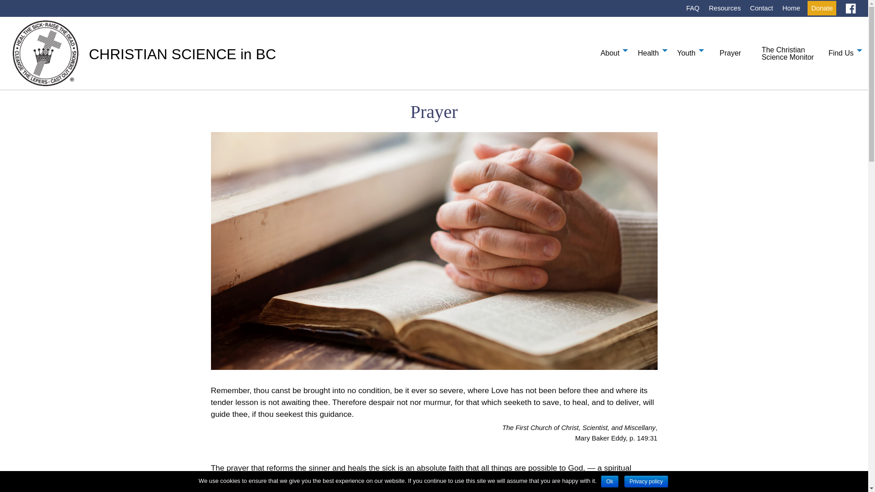  I want to click on 'About', so click(612, 50).